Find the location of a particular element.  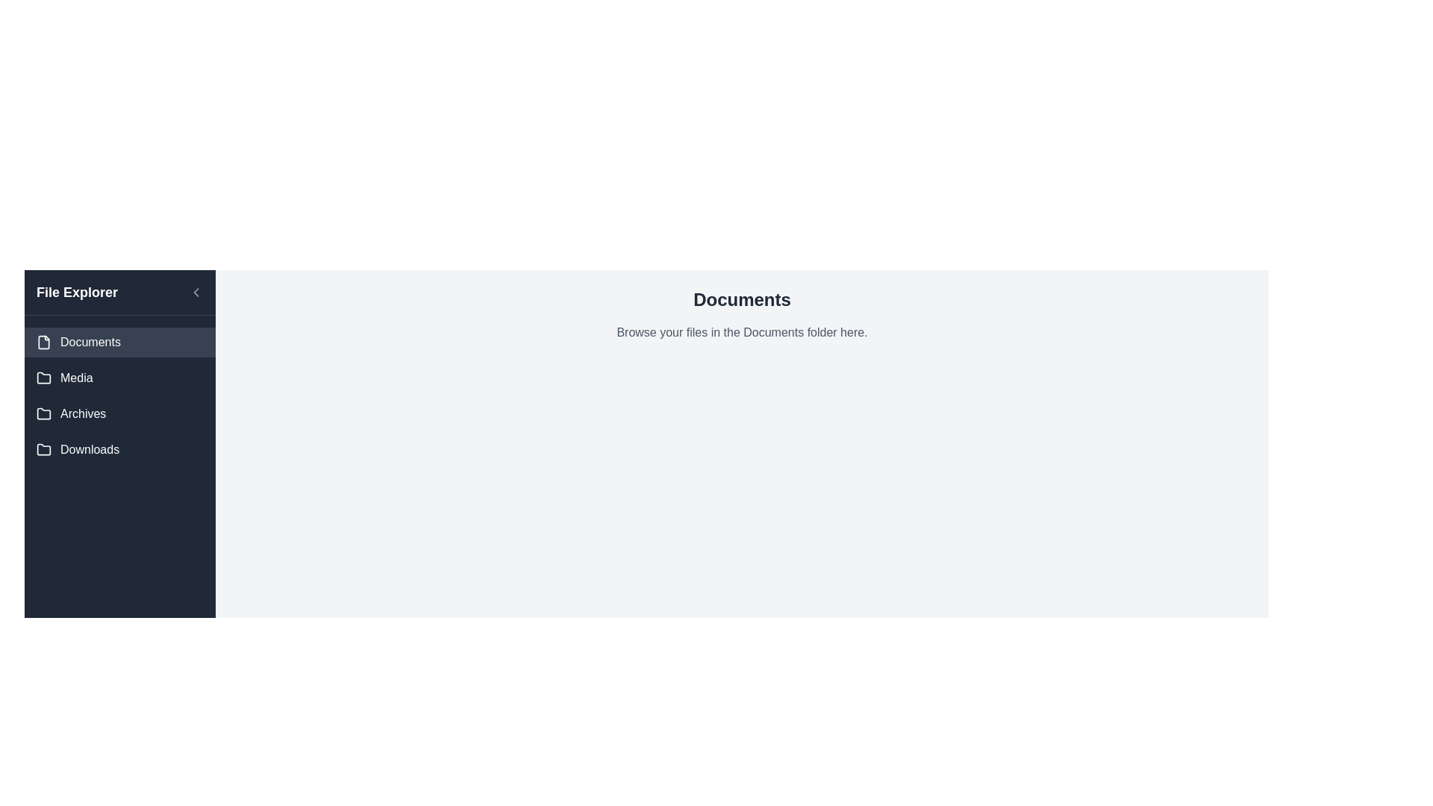

the 'Documents' button in the File Explorer sidebar is located at coordinates (120, 343).